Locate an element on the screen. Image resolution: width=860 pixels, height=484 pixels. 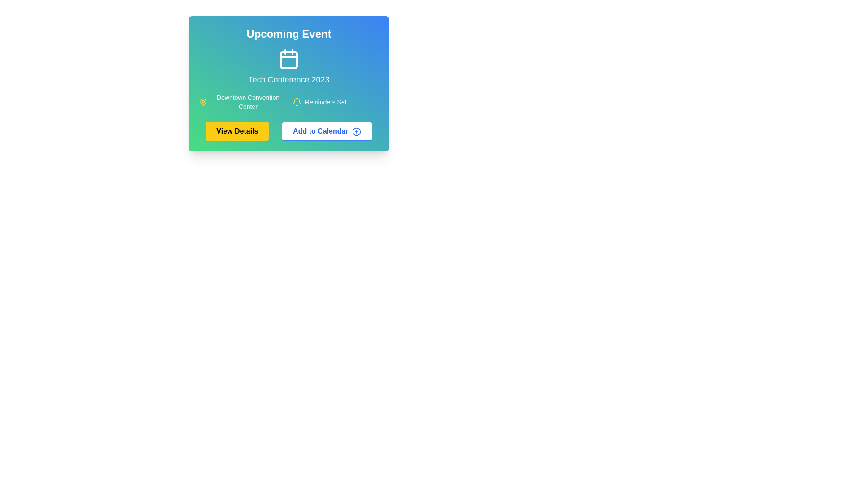
the rectangular yellow button labeled 'View Details' to trigger the hover effect is located at coordinates (237, 131).